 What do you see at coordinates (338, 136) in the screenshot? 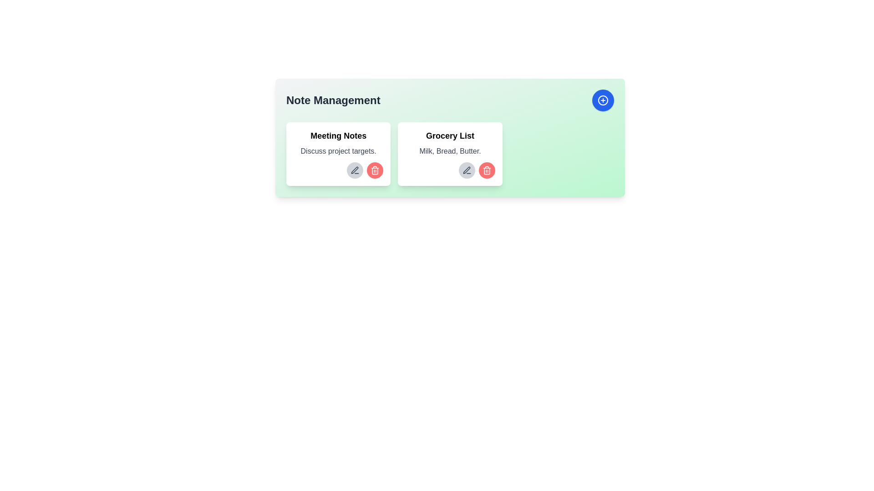
I see `the bold text label displaying 'Meeting Notes', which is located at the top-left corner of the white card with rounded corners under 'Note Management'` at bounding box center [338, 136].